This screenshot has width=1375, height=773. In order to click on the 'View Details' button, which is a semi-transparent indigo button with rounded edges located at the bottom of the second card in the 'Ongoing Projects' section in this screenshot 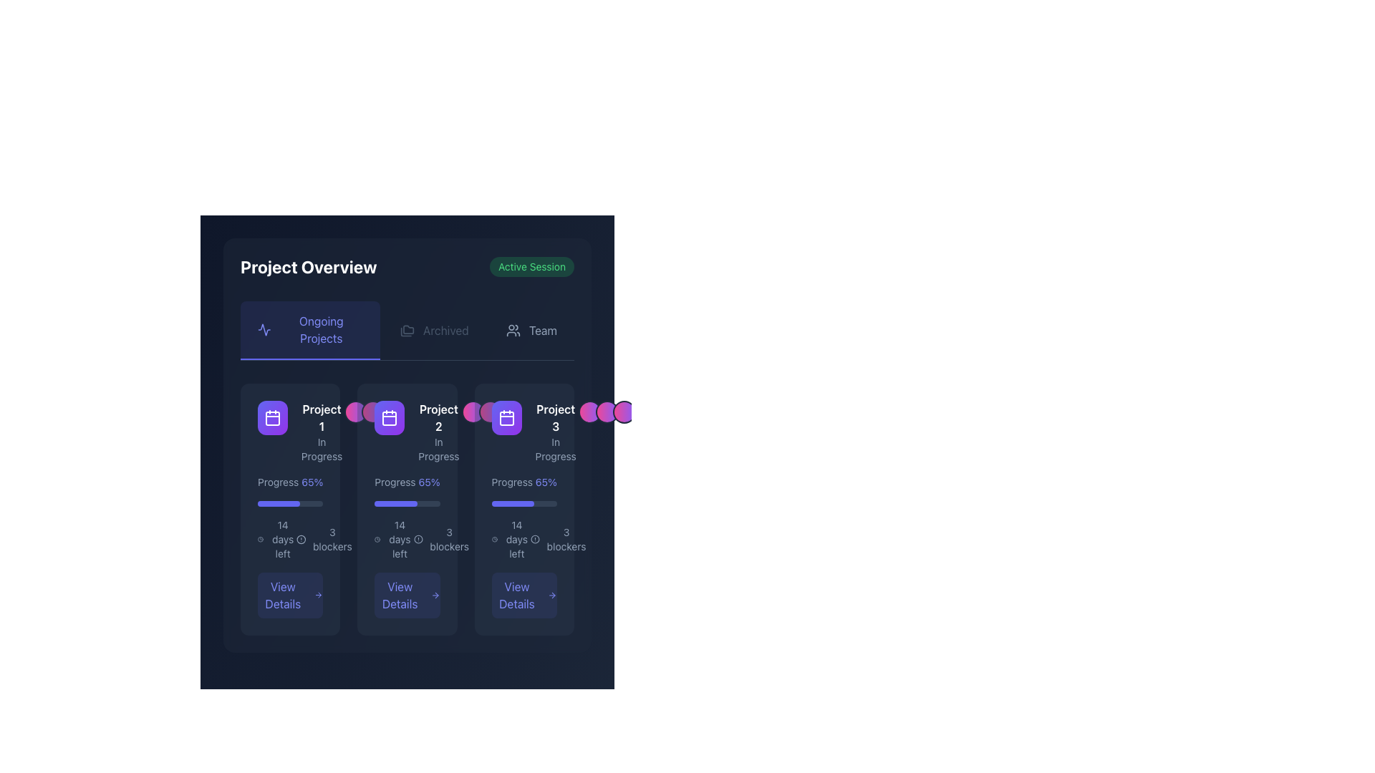, I will do `click(406, 595)`.